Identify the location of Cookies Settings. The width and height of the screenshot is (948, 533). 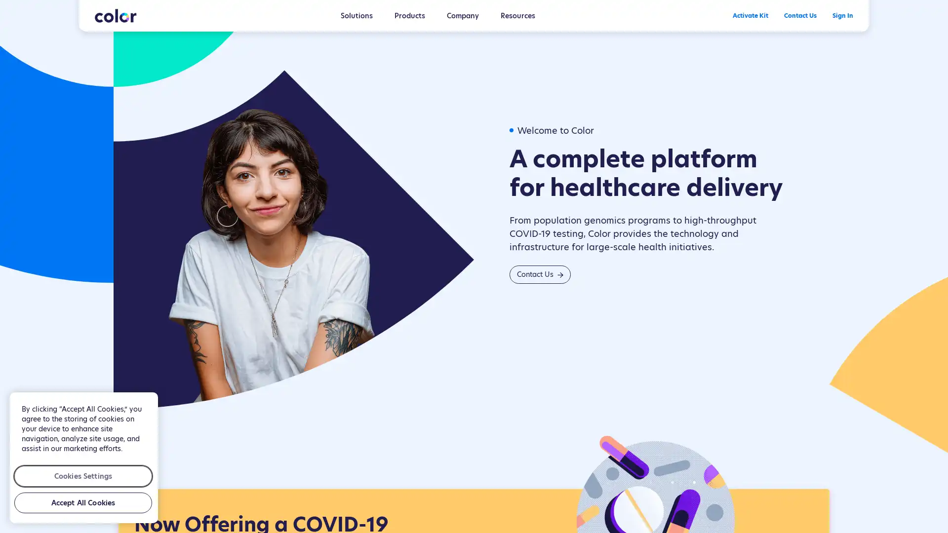
(83, 475).